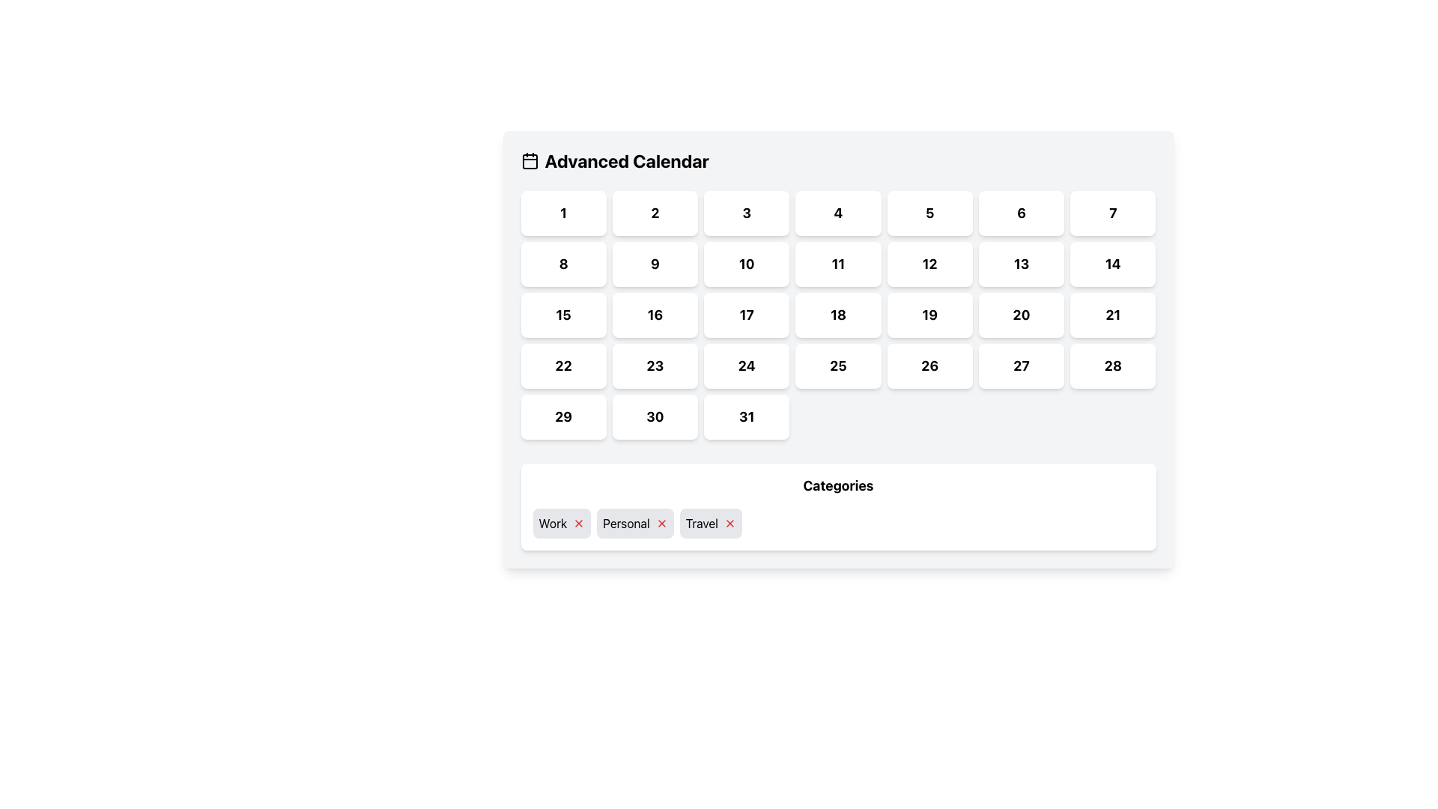 The width and height of the screenshot is (1438, 809). What do you see at coordinates (837, 264) in the screenshot?
I see `the 11th date button` at bounding box center [837, 264].